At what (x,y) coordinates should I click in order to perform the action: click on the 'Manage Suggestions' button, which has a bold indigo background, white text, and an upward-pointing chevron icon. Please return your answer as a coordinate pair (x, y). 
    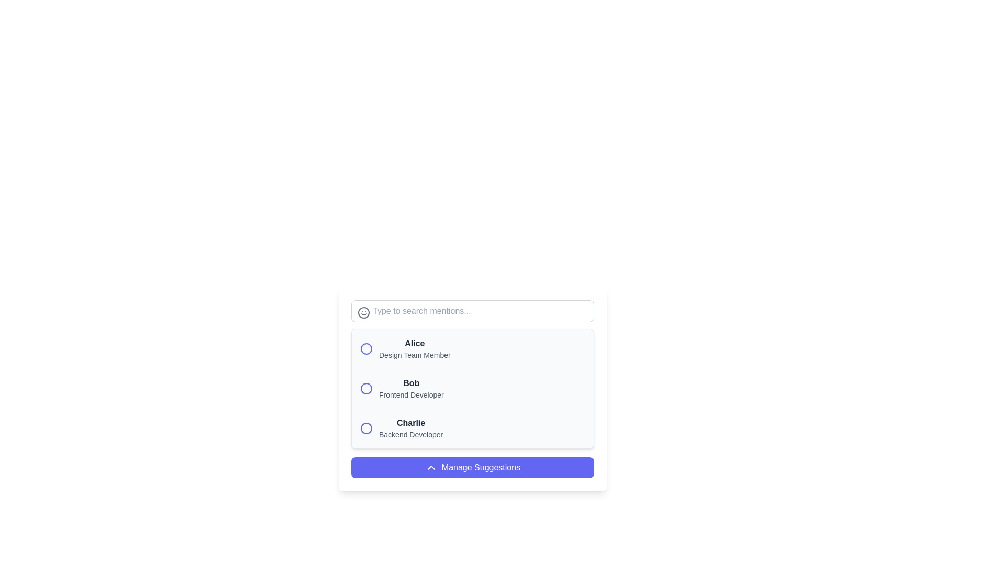
    Looking at the image, I should click on (472, 467).